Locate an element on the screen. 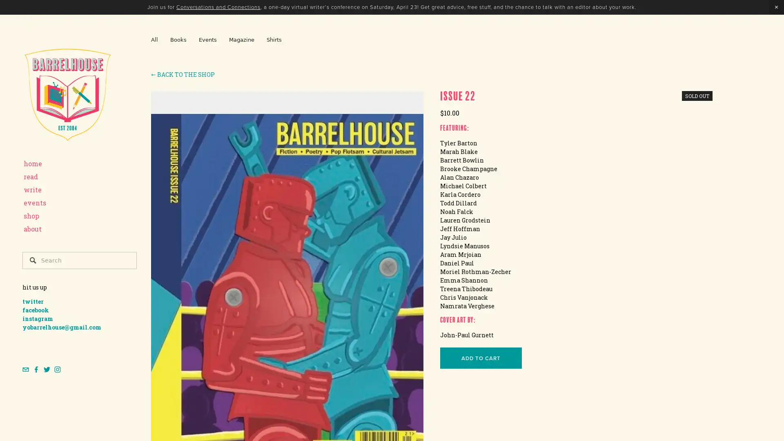  ADD TO CART is located at coordinates (481, 357).